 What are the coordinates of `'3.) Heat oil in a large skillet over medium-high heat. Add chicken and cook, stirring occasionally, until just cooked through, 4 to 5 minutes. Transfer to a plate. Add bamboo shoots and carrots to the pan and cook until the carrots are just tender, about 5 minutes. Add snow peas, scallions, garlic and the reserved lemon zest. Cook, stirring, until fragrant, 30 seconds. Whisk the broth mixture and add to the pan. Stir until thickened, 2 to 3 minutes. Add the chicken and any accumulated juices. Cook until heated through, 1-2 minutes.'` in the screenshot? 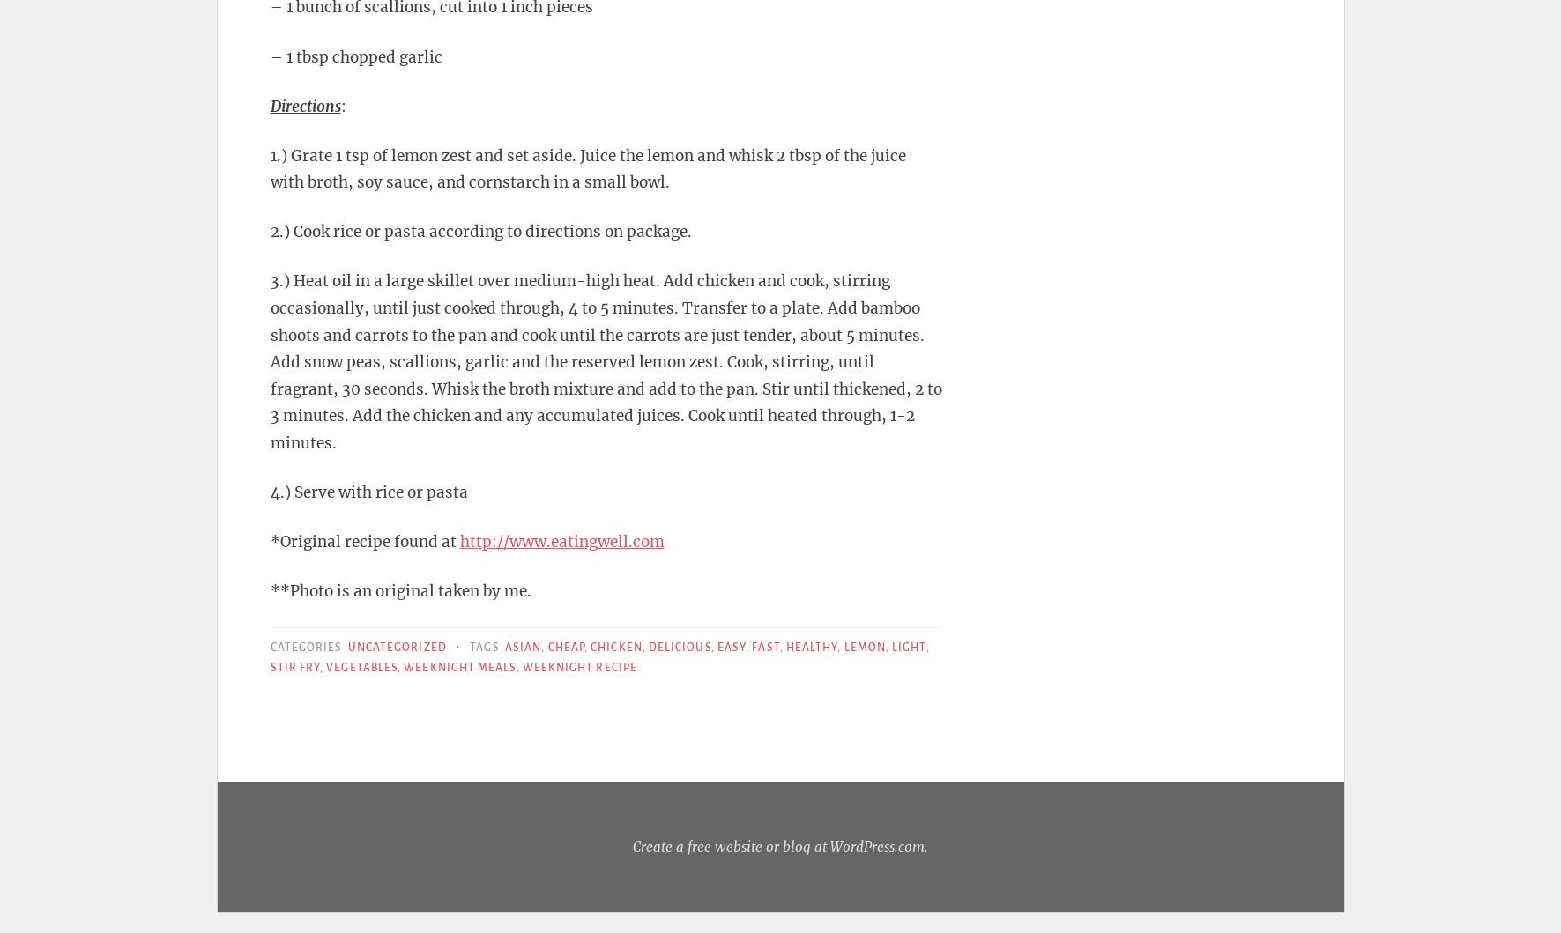 It's located at (605, 360).